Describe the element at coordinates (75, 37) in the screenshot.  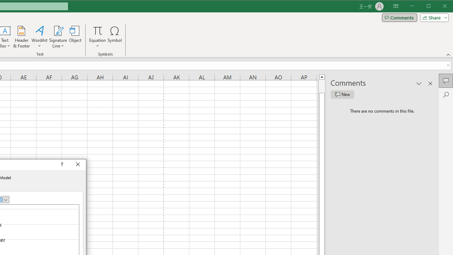
I see `'Object...'` at that location.